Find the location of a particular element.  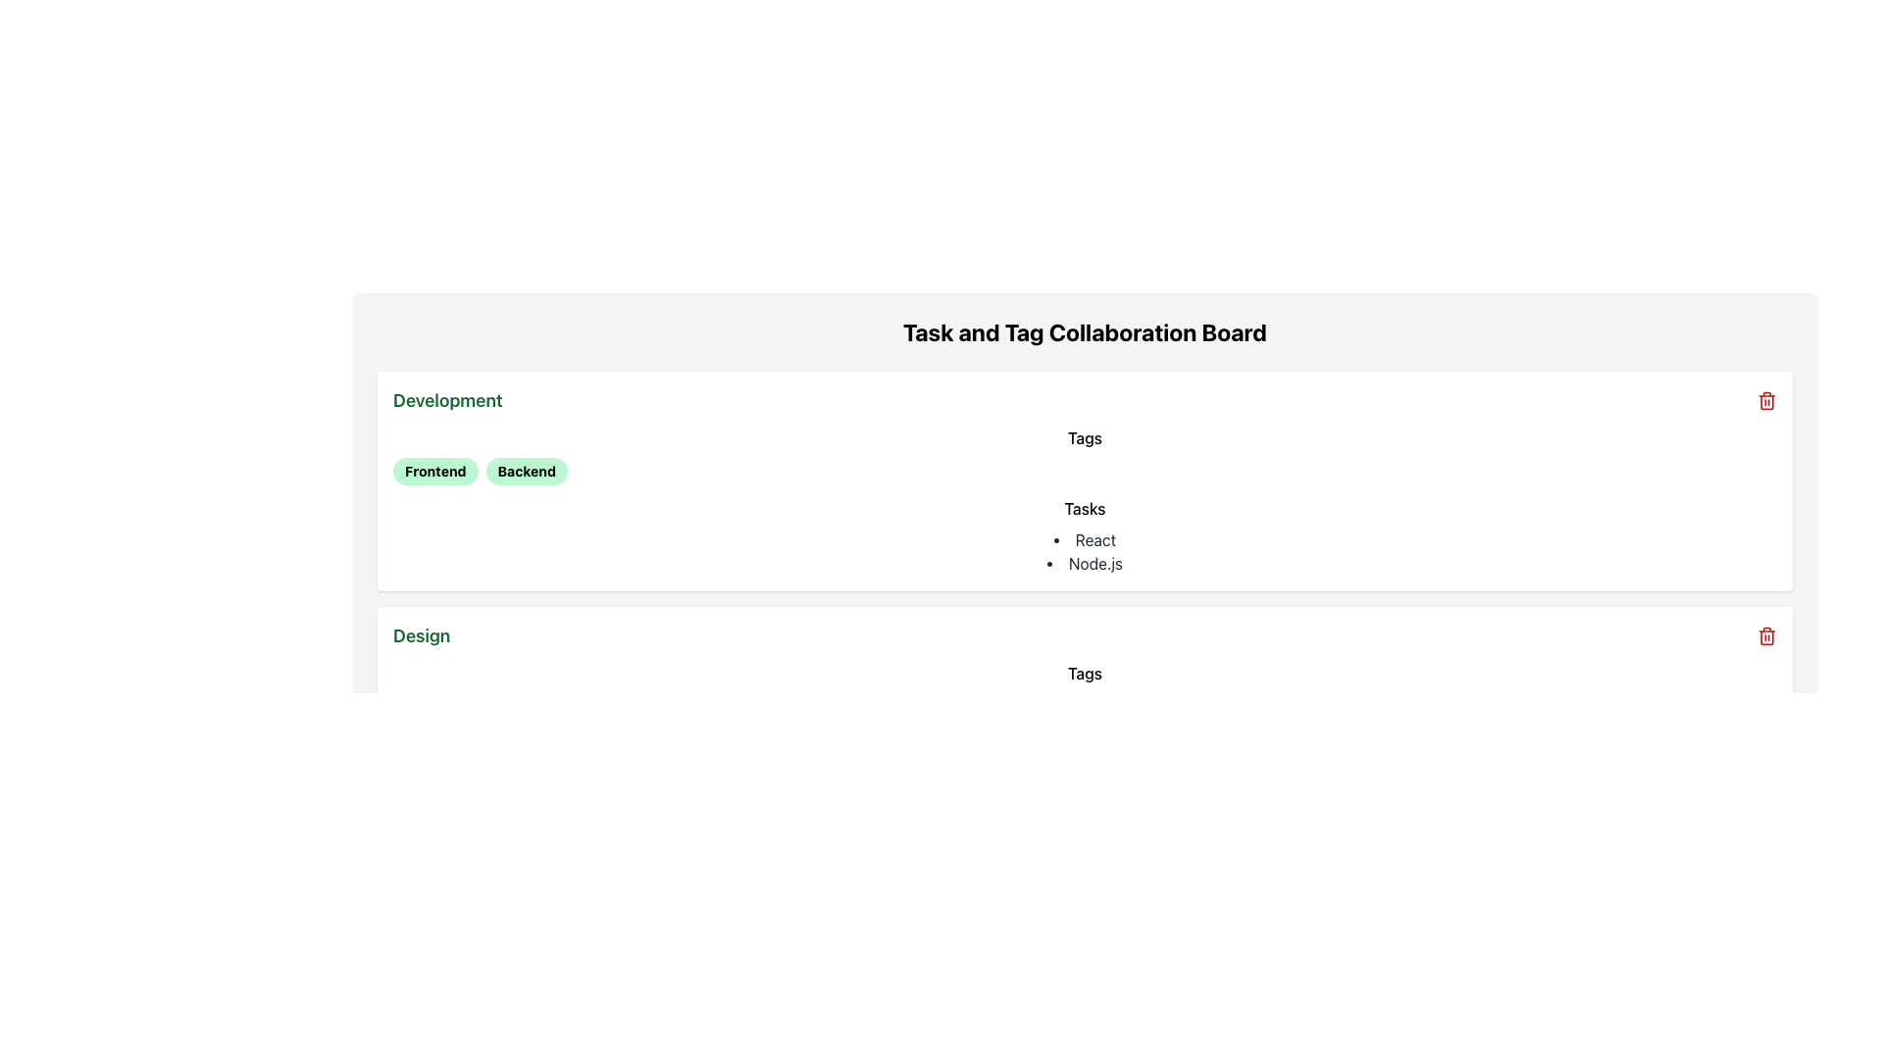

the delete button associated with the row labeled 'Development' is located at coordinates (1766, 399).